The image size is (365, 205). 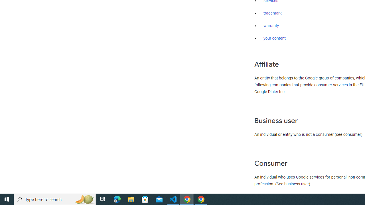 What do you see at coordinates (272, 13) in the screenshot?
I see `'trademark'` at bounding box center [272, 13].